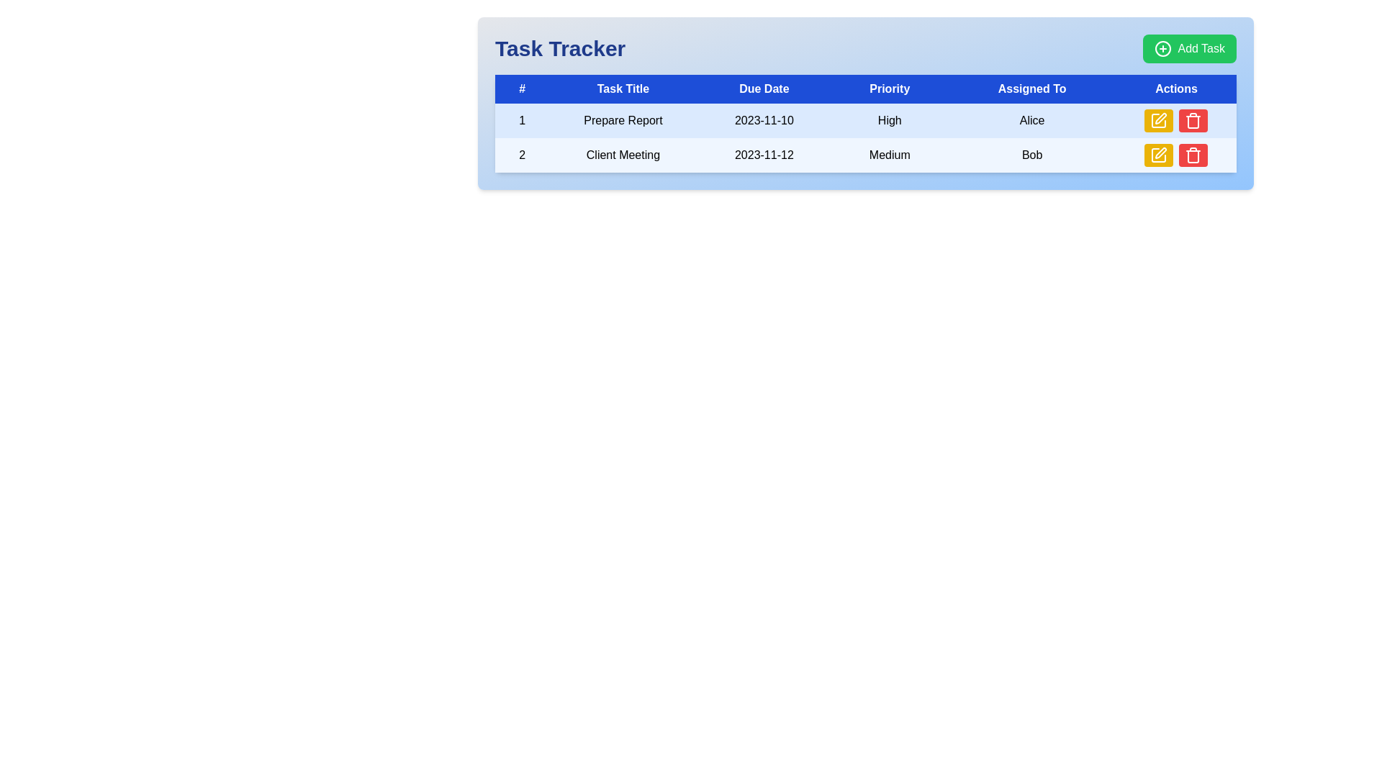  I want to click on the Priority label in the second row of the Task Tracker table to indicate the task's priority level, so click(889, 155).